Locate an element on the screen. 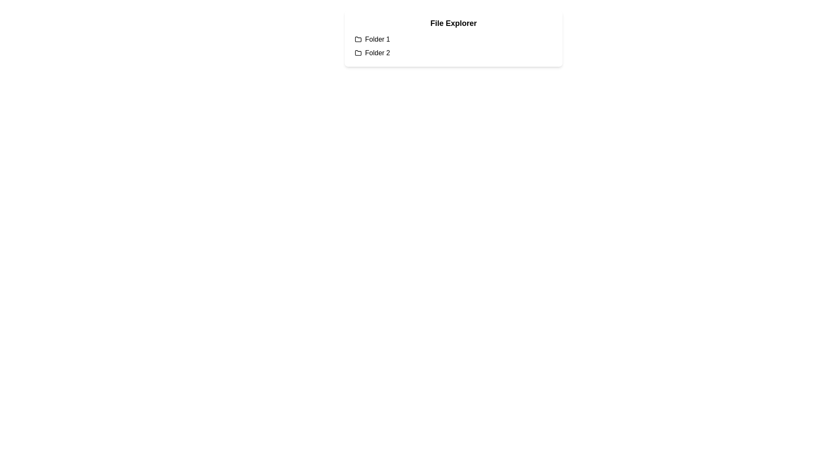 This screenshot has height=459, width=817. the folder icon located at the top left corner of the 'Folder 1' row, which serves as a visual indicator and is not interactive is located at coordinates (358, 39).